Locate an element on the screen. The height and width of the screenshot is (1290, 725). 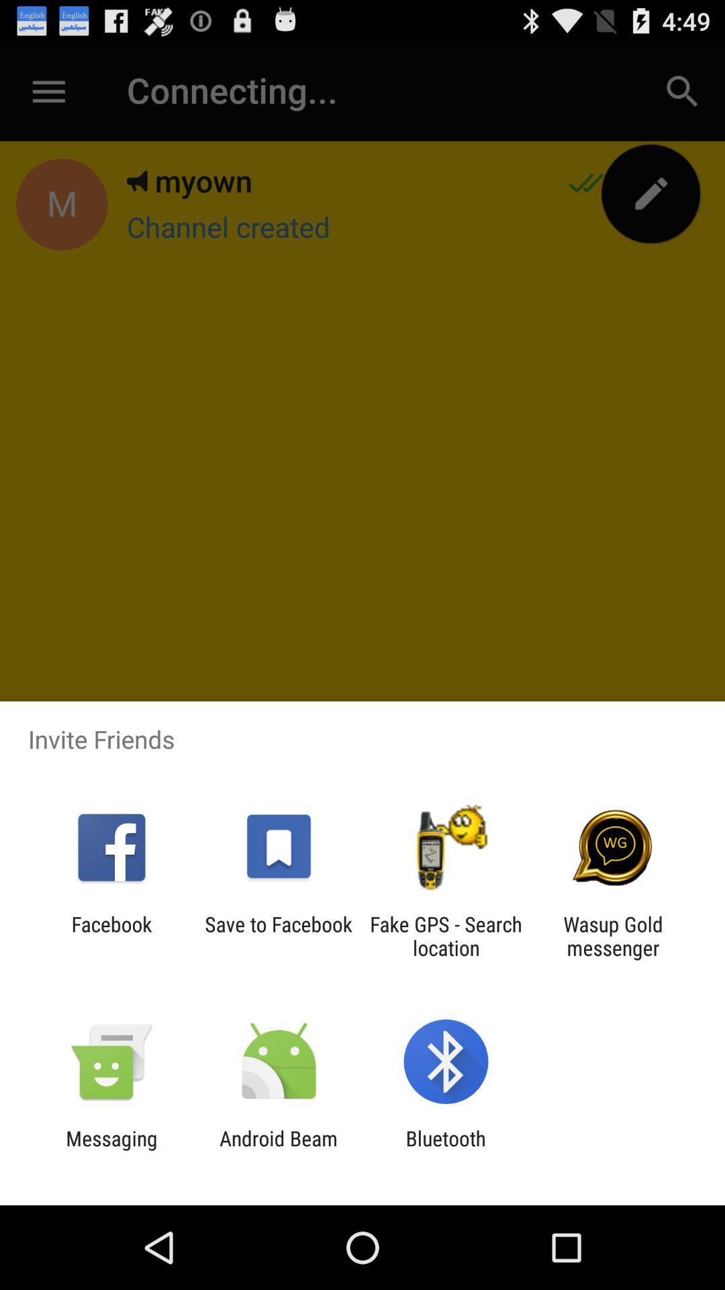
app to the right of the facebook item is located at coordinates (278, 935).